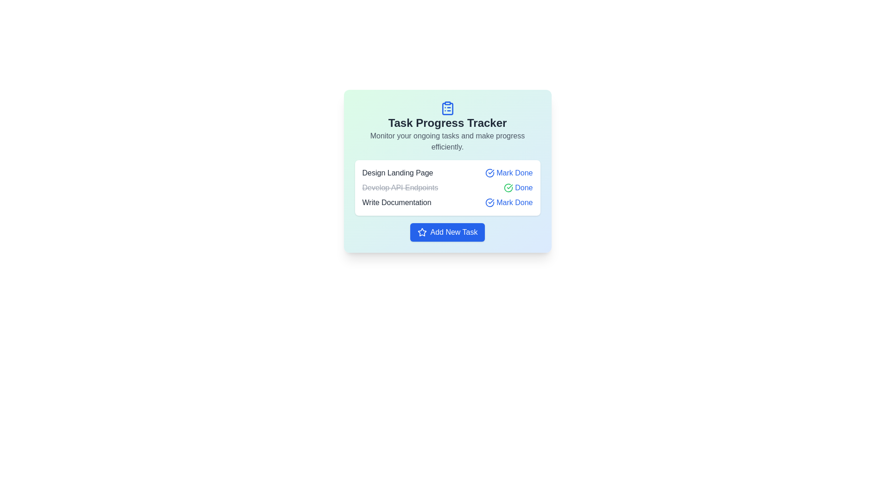 The image size is (890, 500). I want to click on the text label located to the right of the circular checkmark icon in the 'Task Progress Tracker' card for the task 'Design Landing Page', so click(514, 173).